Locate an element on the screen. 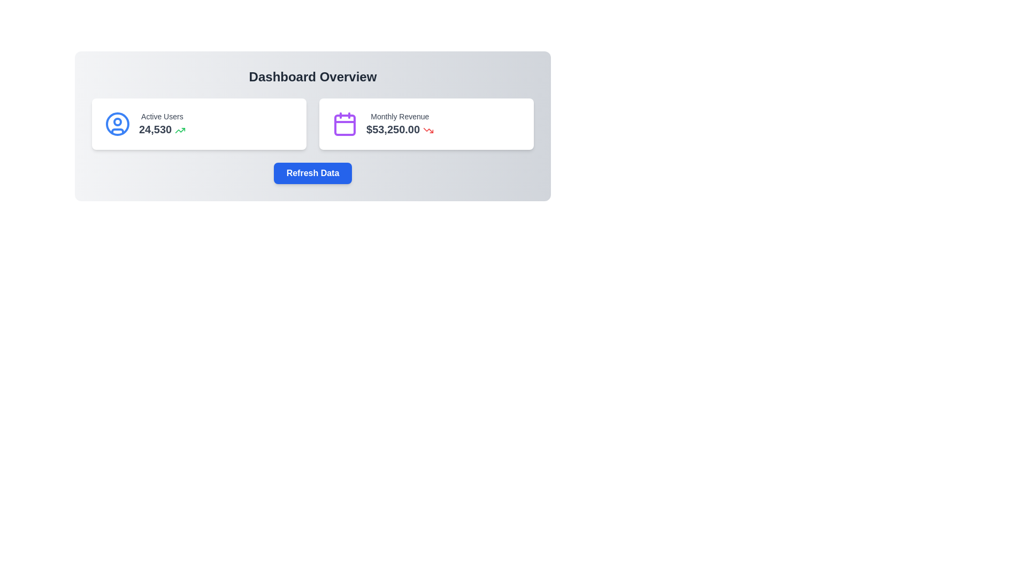 The height and width of the screenshot is (578, 1027). the 'Active Users' text label, which is positioned above the numerical value '24,530' in the Dashboard Overview section is located at coordinates (162, 117).